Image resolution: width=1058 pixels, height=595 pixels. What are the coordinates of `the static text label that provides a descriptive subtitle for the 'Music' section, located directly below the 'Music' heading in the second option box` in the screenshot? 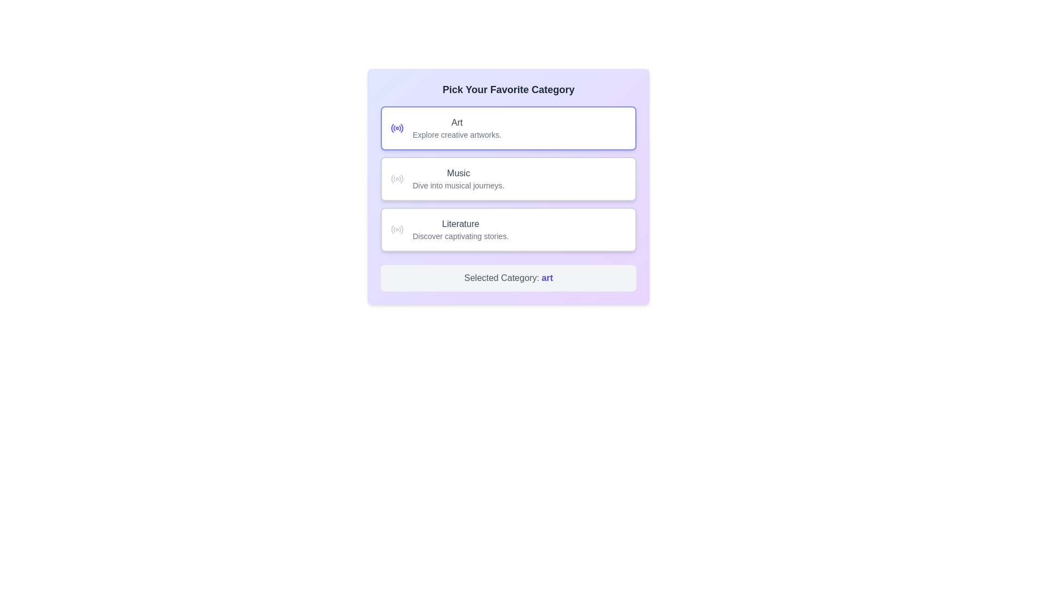 It's located at (458, 185).